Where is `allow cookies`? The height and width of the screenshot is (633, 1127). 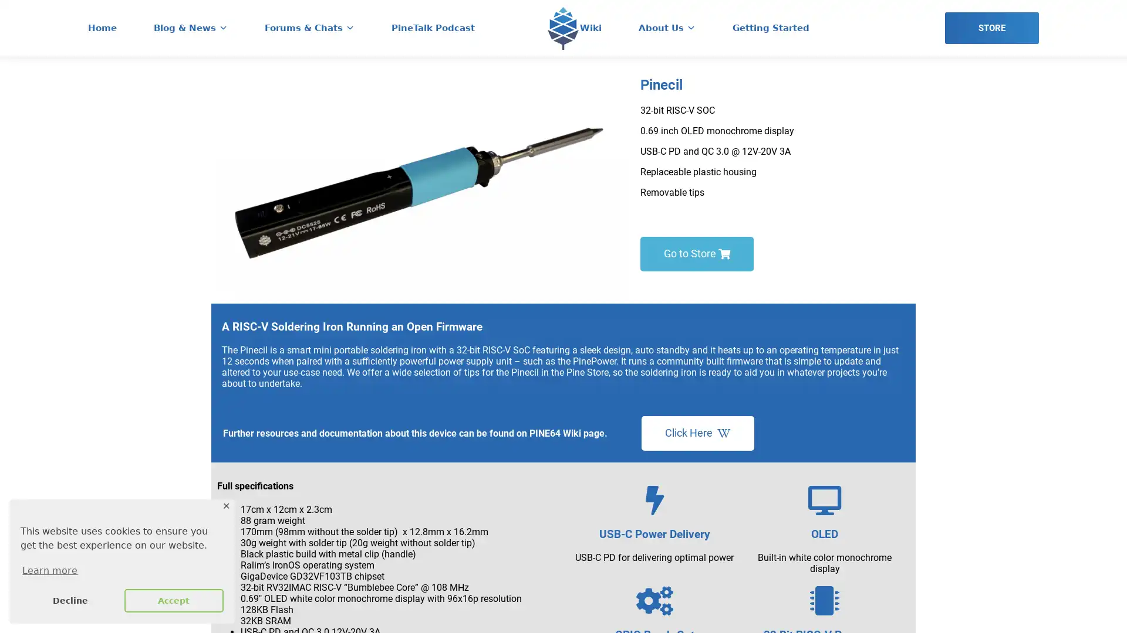 allow cookies is located at coordinates (173, 600).